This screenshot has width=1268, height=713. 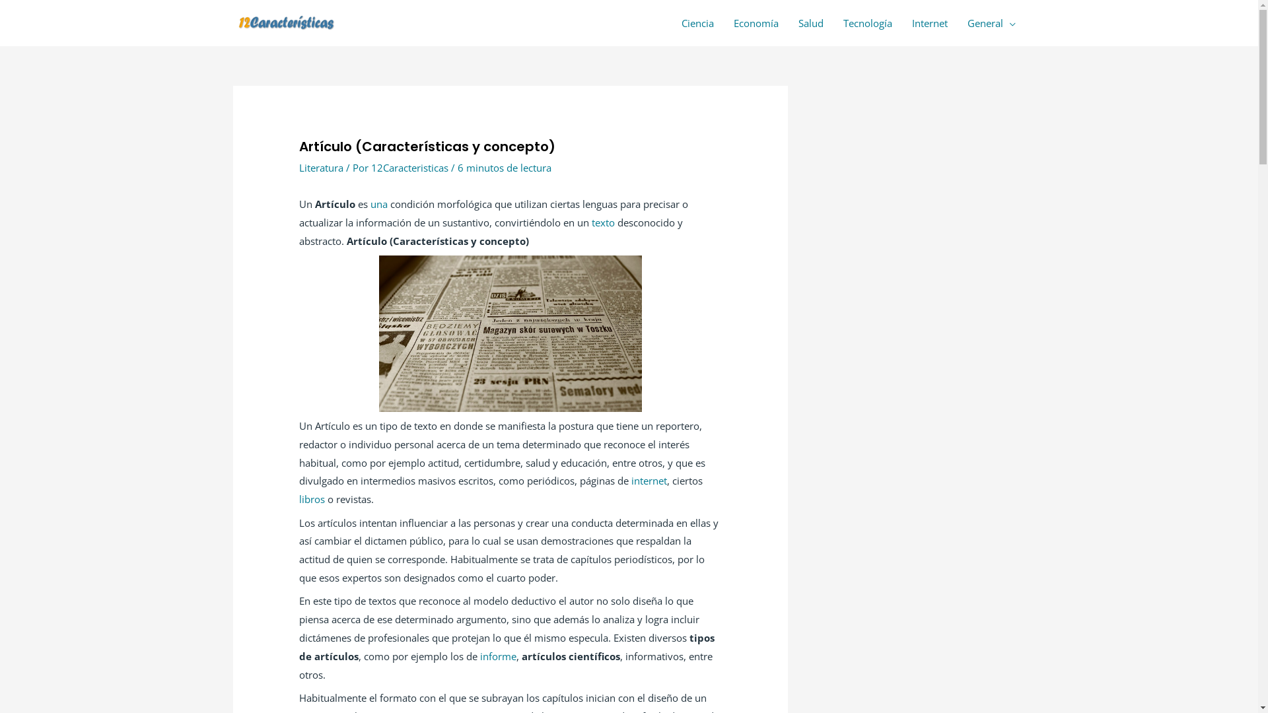 What do you see at coordinates (649, 481) in the screenshot?
I see `'internet'` at bounding box center [649, 481].